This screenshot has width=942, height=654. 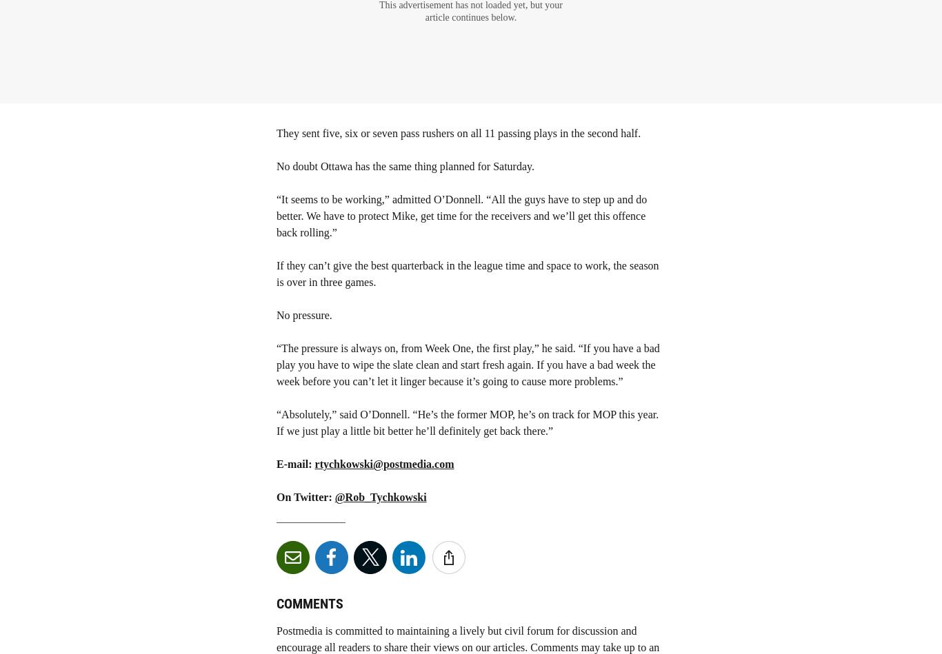 What do you see at coordinates (384, 464) in the screenshot?
I see `'rtychkowski@postmedia.com'` at bounding box center [384, 464].